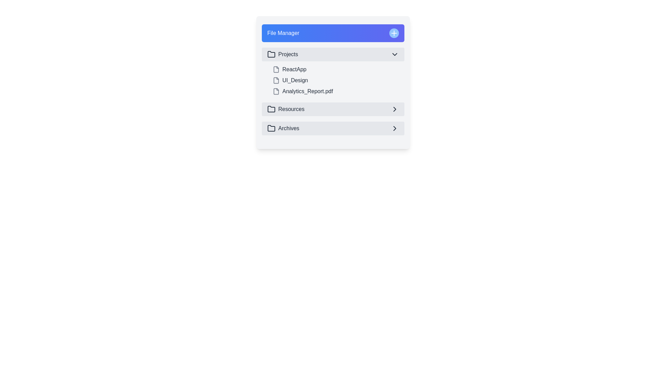  Describe the element at coordinates (283, 128) in the screenshot. I see `the 'Archives' label with a folder icon in the collapsible menu of the file manager interface` at that location.